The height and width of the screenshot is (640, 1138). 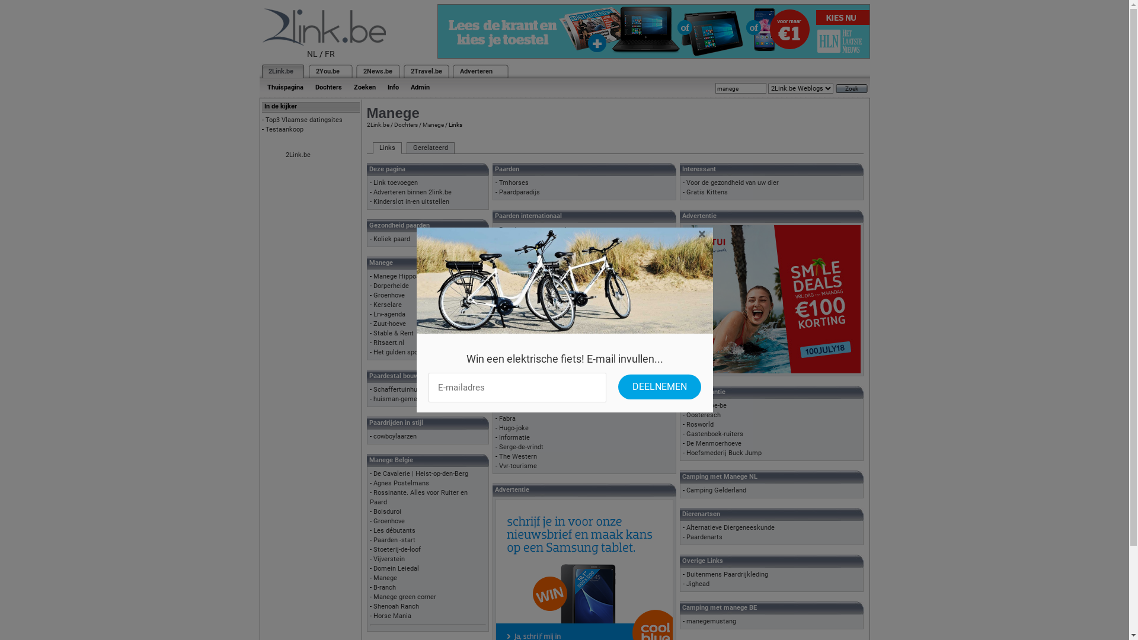 I want to click on 'Hugo-joke', so click(x=498, y=428).